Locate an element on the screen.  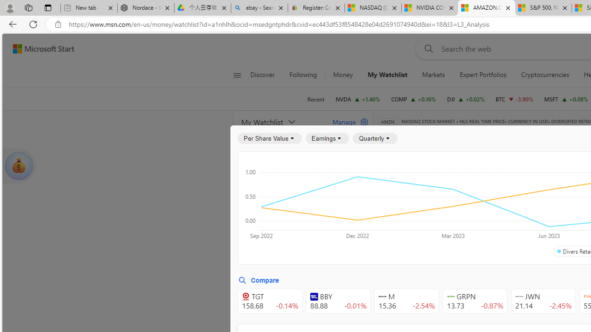
'NVDA NVIDIA CORPORATION increase 128.30 +1.84 +1.46%' is located at coordinates (357, 99).